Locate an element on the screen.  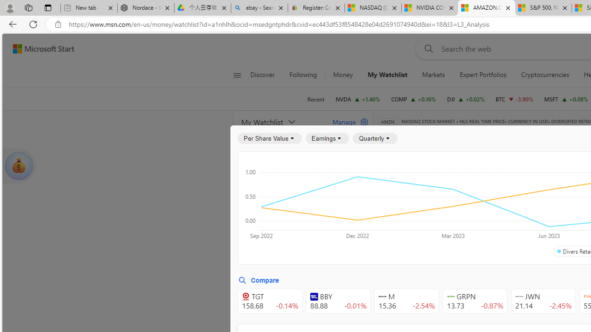
'NVDA NVIDIA CORPORATION increase 128.30 +1.84 +1.46%' is located at coordinates (357, 99).